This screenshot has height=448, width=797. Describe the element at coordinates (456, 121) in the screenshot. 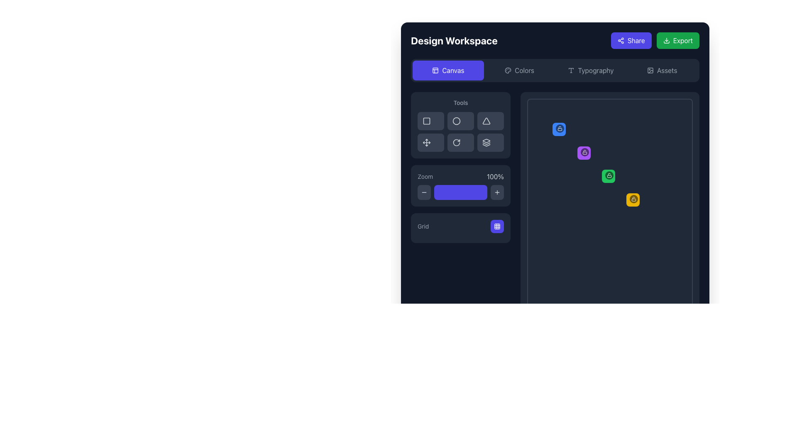

I see `the circular icon in the Tools section of the left sidebar` at that location.